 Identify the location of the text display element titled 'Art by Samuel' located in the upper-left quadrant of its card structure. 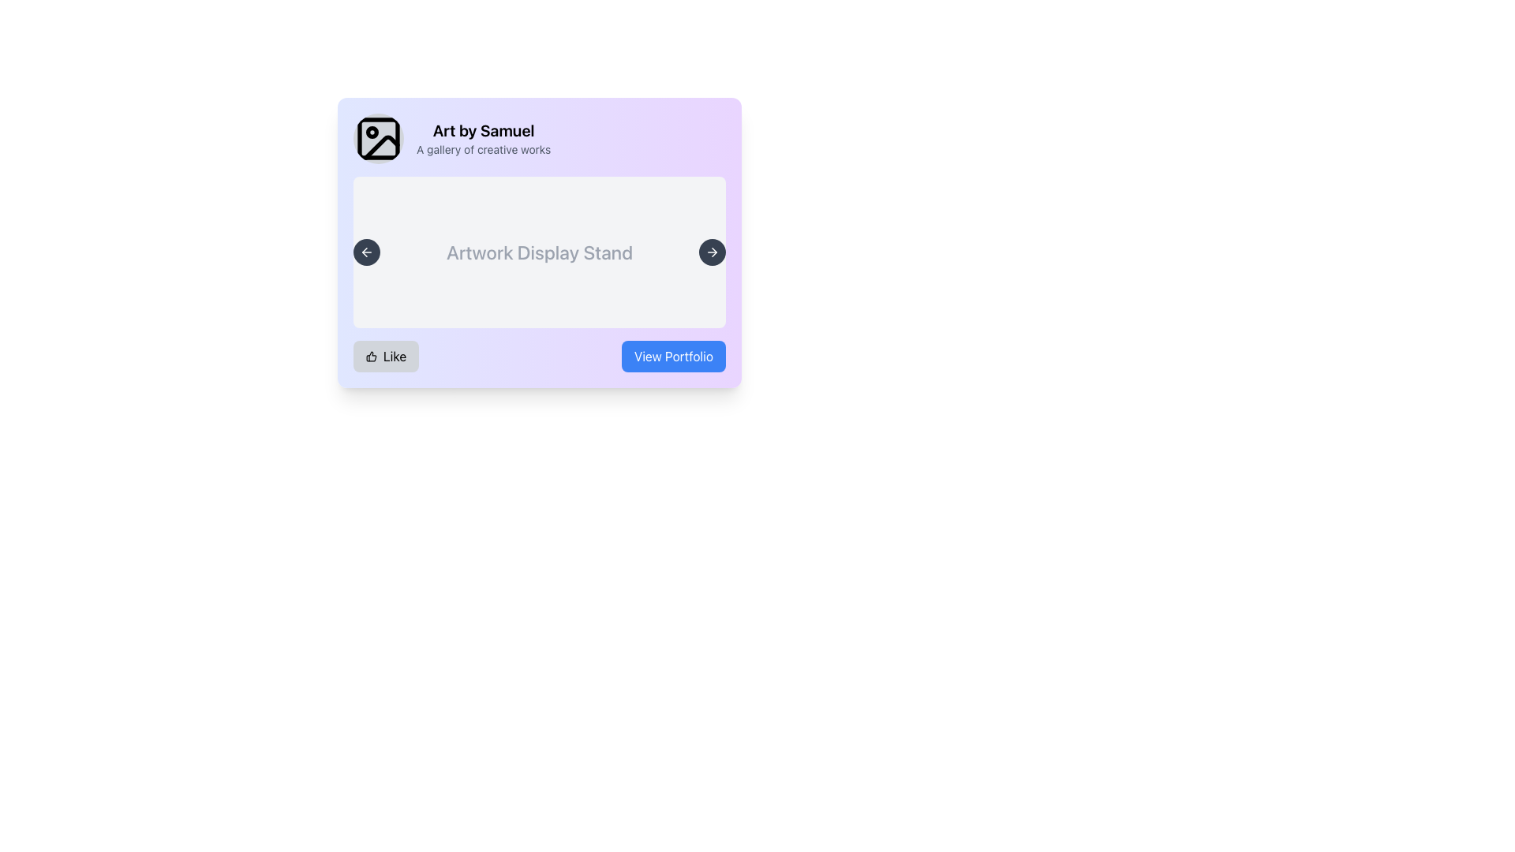
(483, 138).